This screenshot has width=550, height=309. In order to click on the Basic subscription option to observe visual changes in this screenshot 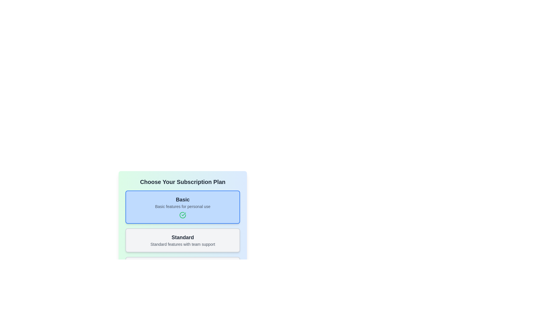, I will do `click(182, 207)`.